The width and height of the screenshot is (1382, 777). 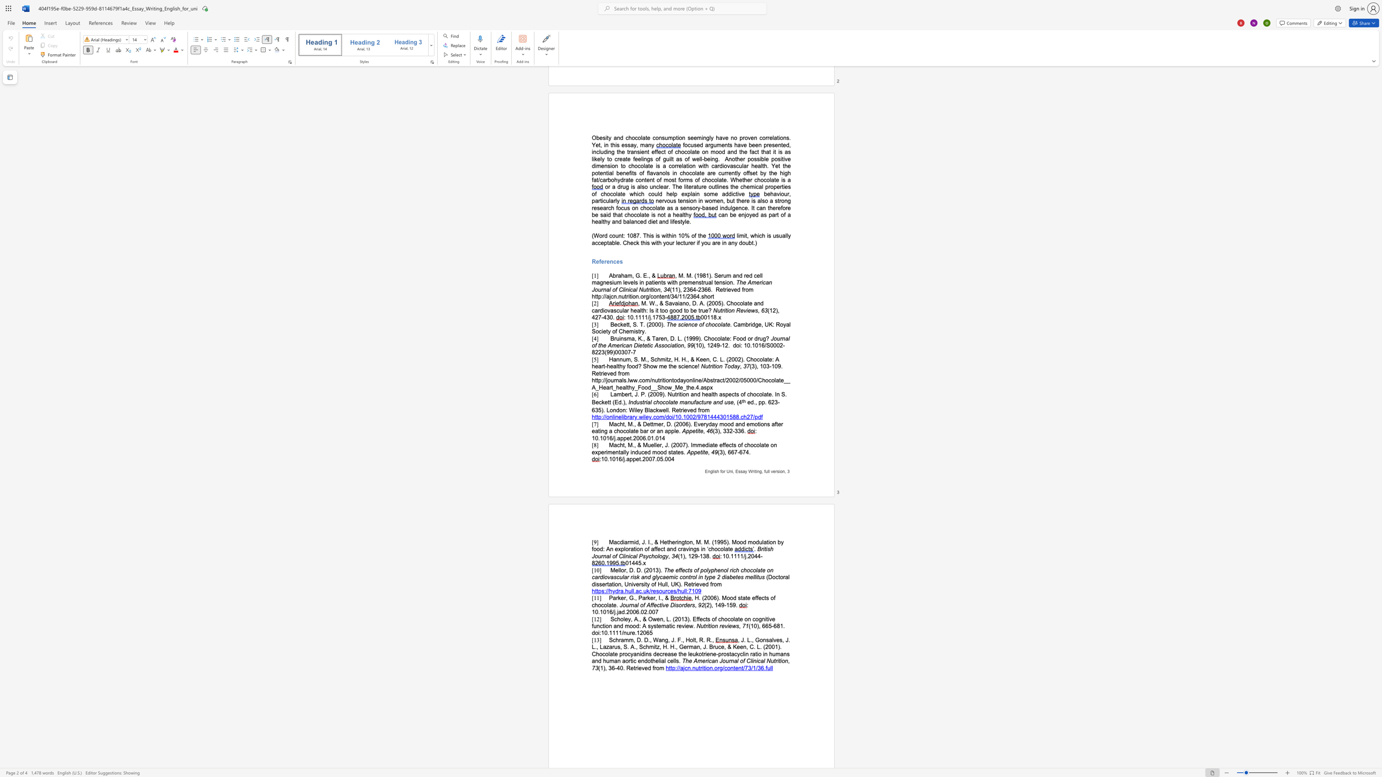 I want to click on the subset text "iversity of Hull, UK). Ret" within the text "(Doctoral dissertation, University of Hull, UK). Retrieved from", so click(x=631, y=583).